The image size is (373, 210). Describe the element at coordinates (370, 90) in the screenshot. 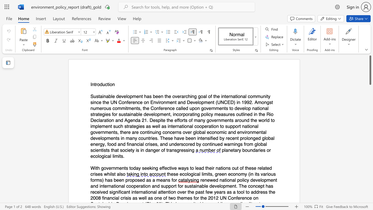

I see `the scrollbar on the right` at that location.